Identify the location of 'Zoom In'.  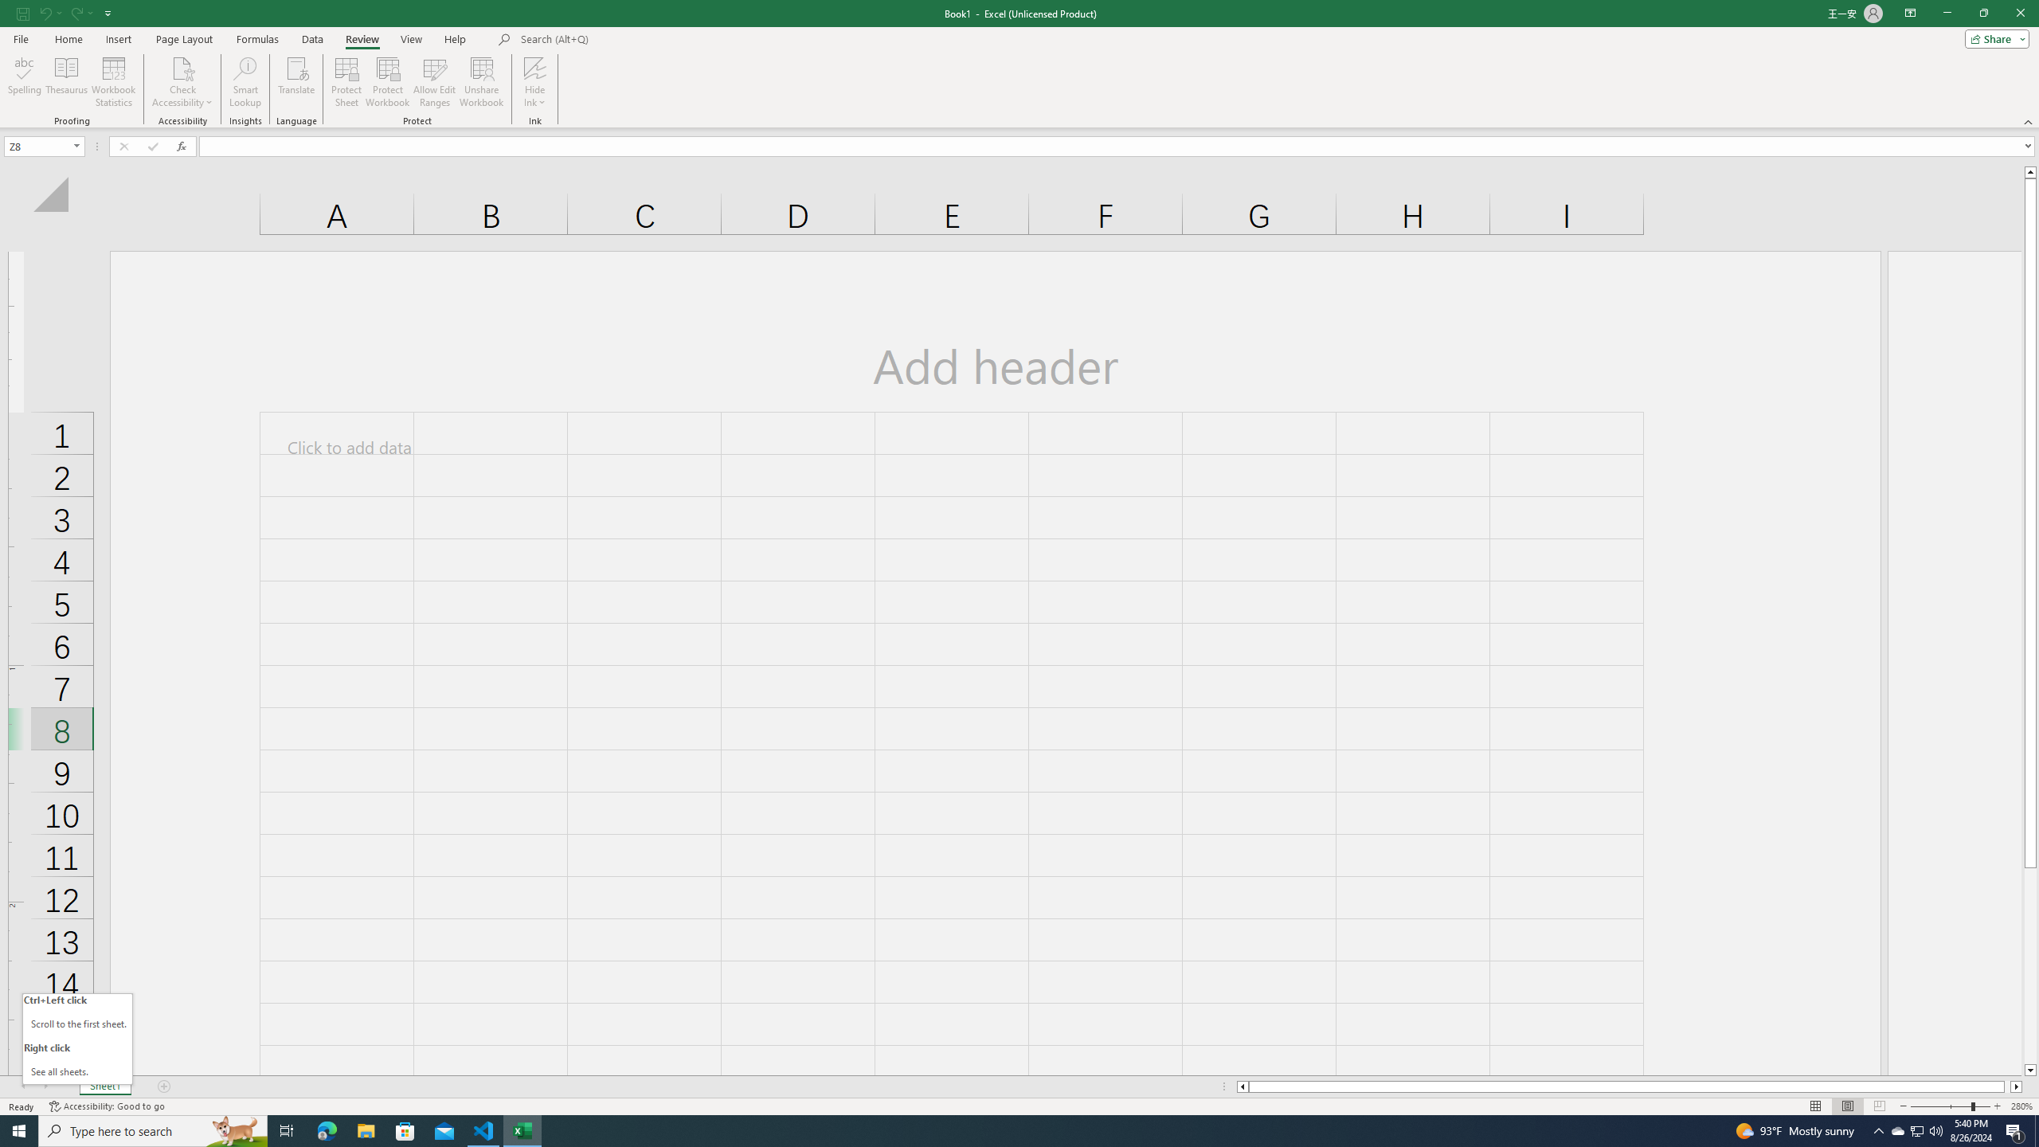
(1997, 1106).